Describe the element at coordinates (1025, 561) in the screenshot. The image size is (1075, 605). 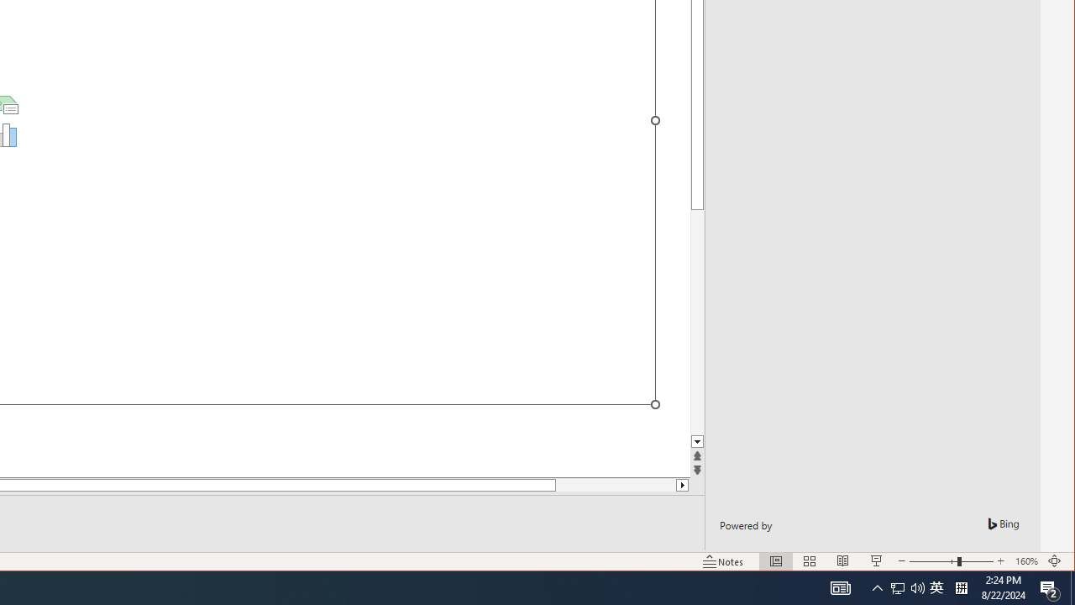
I see `'Zoom 160%'` at that location.